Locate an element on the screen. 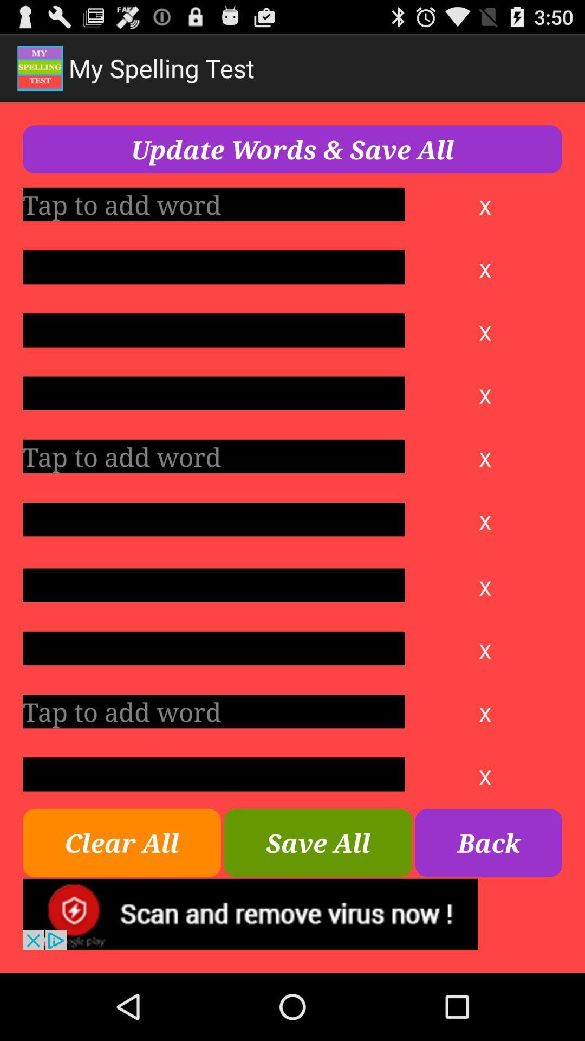 This screenshot has width=585, height=1041. a new word is located at coordinates (213, 456).